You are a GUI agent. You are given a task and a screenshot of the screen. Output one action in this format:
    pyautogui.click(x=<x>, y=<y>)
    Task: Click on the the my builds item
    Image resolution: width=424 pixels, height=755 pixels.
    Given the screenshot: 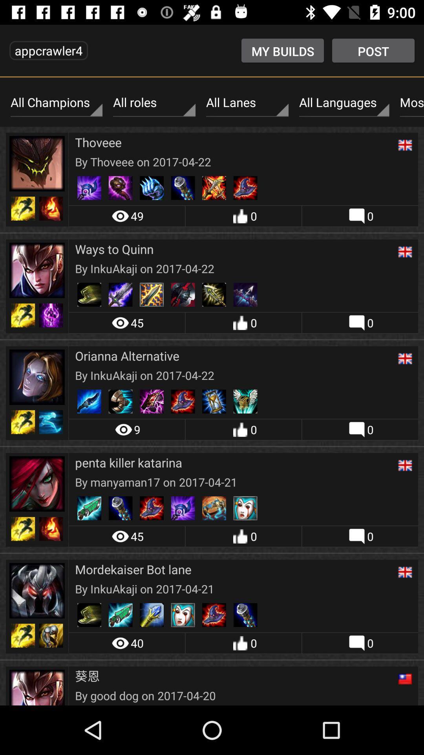 What is the action you would take?
    pyautogui.click(x=283, y=50)
    